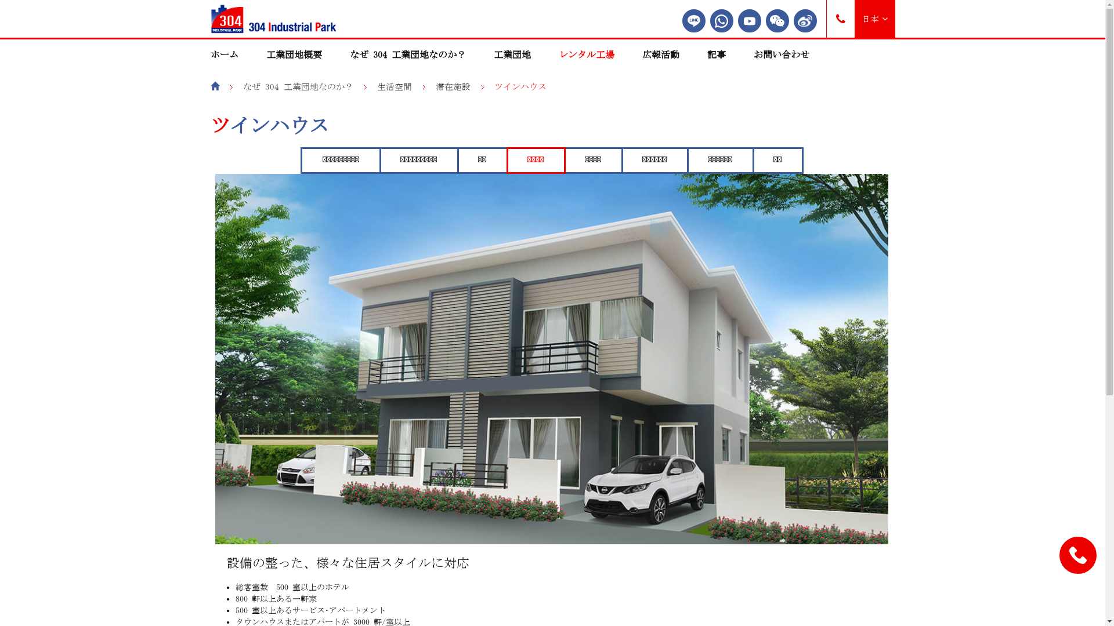 The width and height of the screenshot is (1114, 626). Describe the element at coordinates (214, 86) in the screenshot. I see `'HOME'` at that location.